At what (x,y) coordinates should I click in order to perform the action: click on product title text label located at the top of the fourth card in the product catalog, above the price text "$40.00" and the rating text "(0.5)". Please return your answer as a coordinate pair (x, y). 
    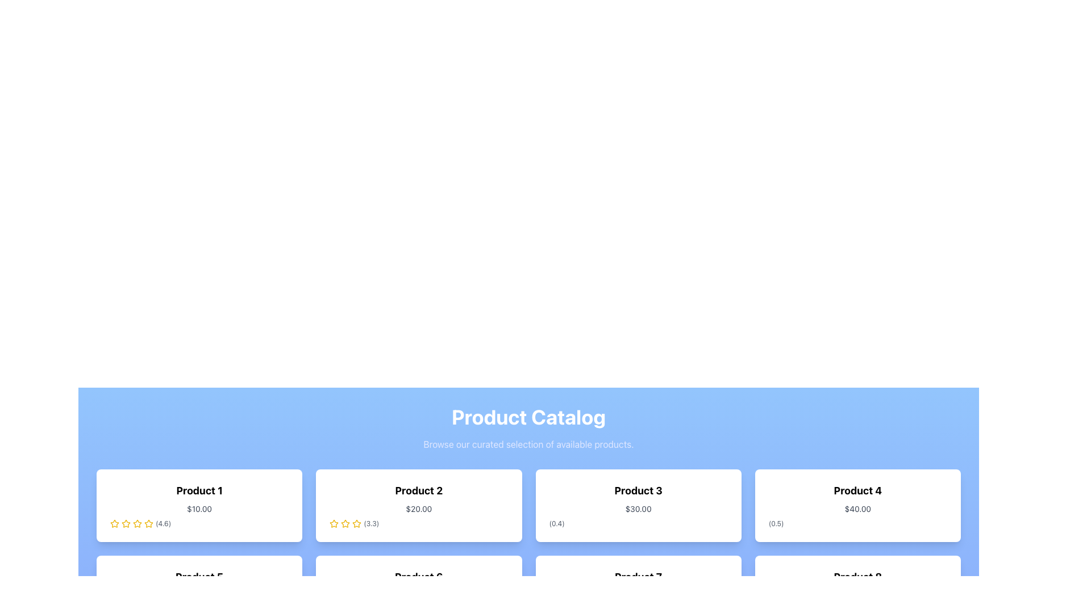
    Looking at the image, I should click on (857, 490).